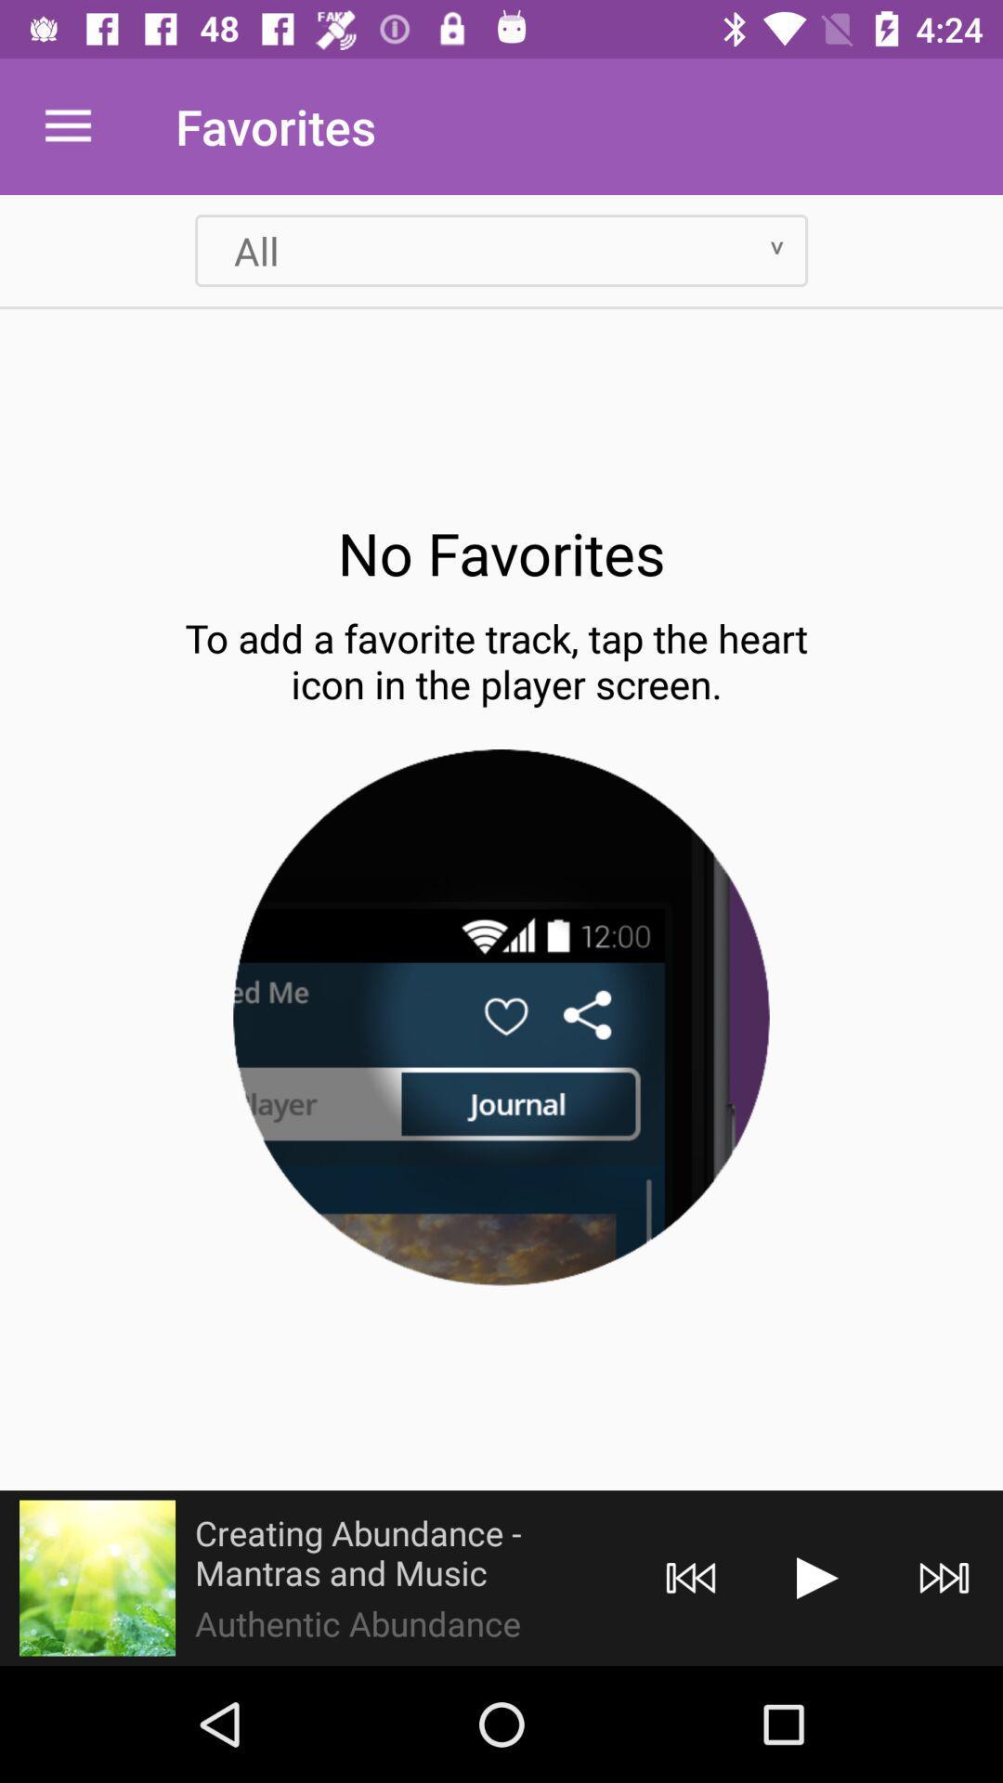 The width and height of the screenshot is (1003, 1783). Describe the element at coordinates (691, 1577) in the screenshot. I see `rewind` at that location.